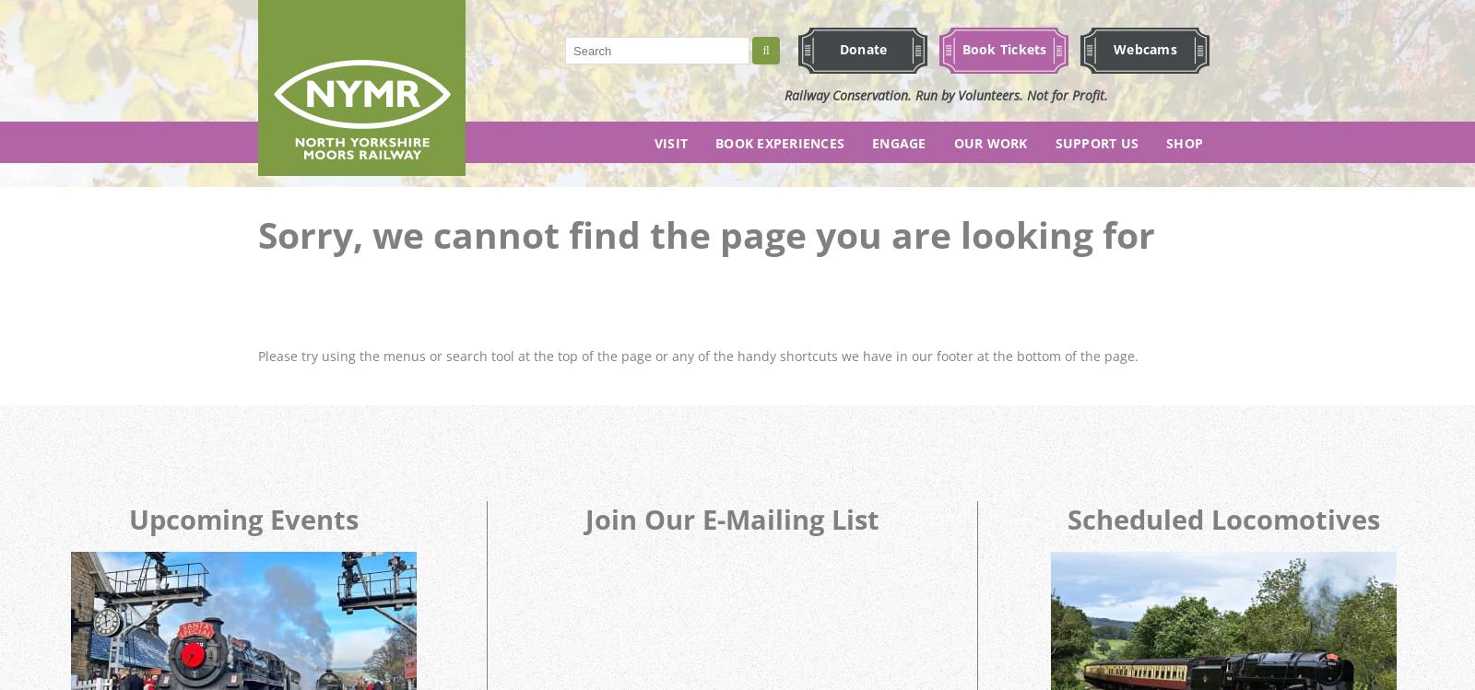  What do you see at coordinates (585, 519) in the screenshot?
I see `'Join Our E-Mailing List'` at bounding box center [585, 519].